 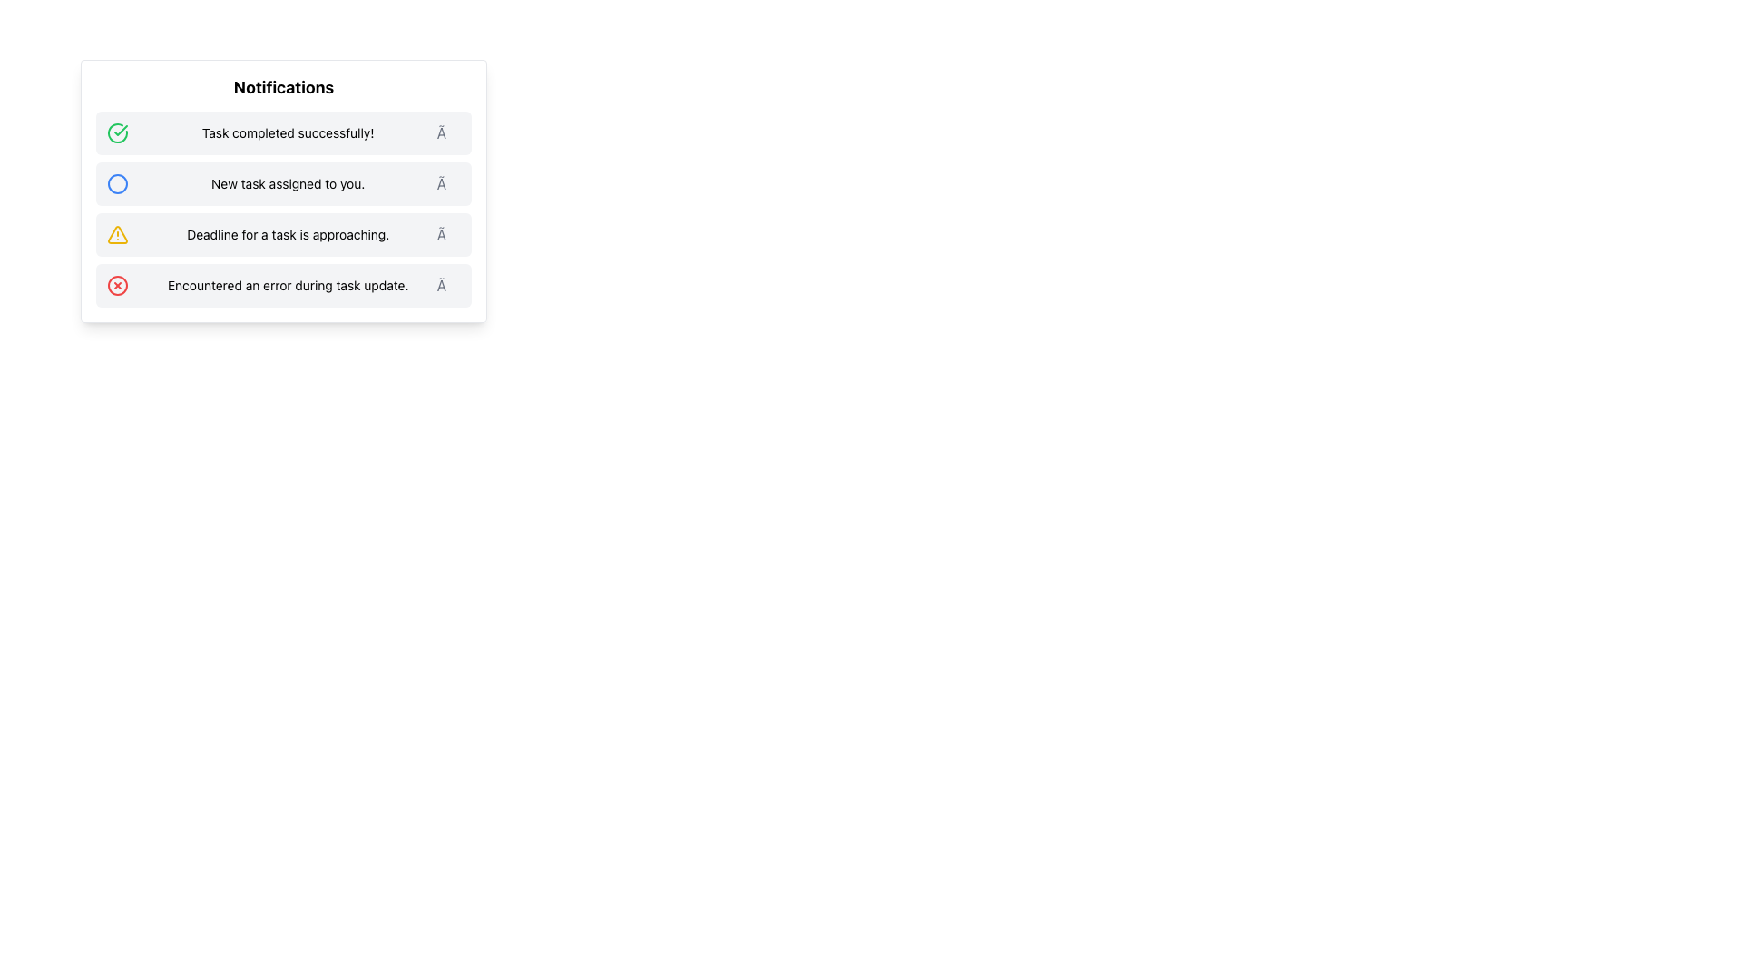 What do you see at coordinates (282, 209) in the screenshot?
I see `the third notification card in the 'Notifications' list` at bounding box center [282, 209].